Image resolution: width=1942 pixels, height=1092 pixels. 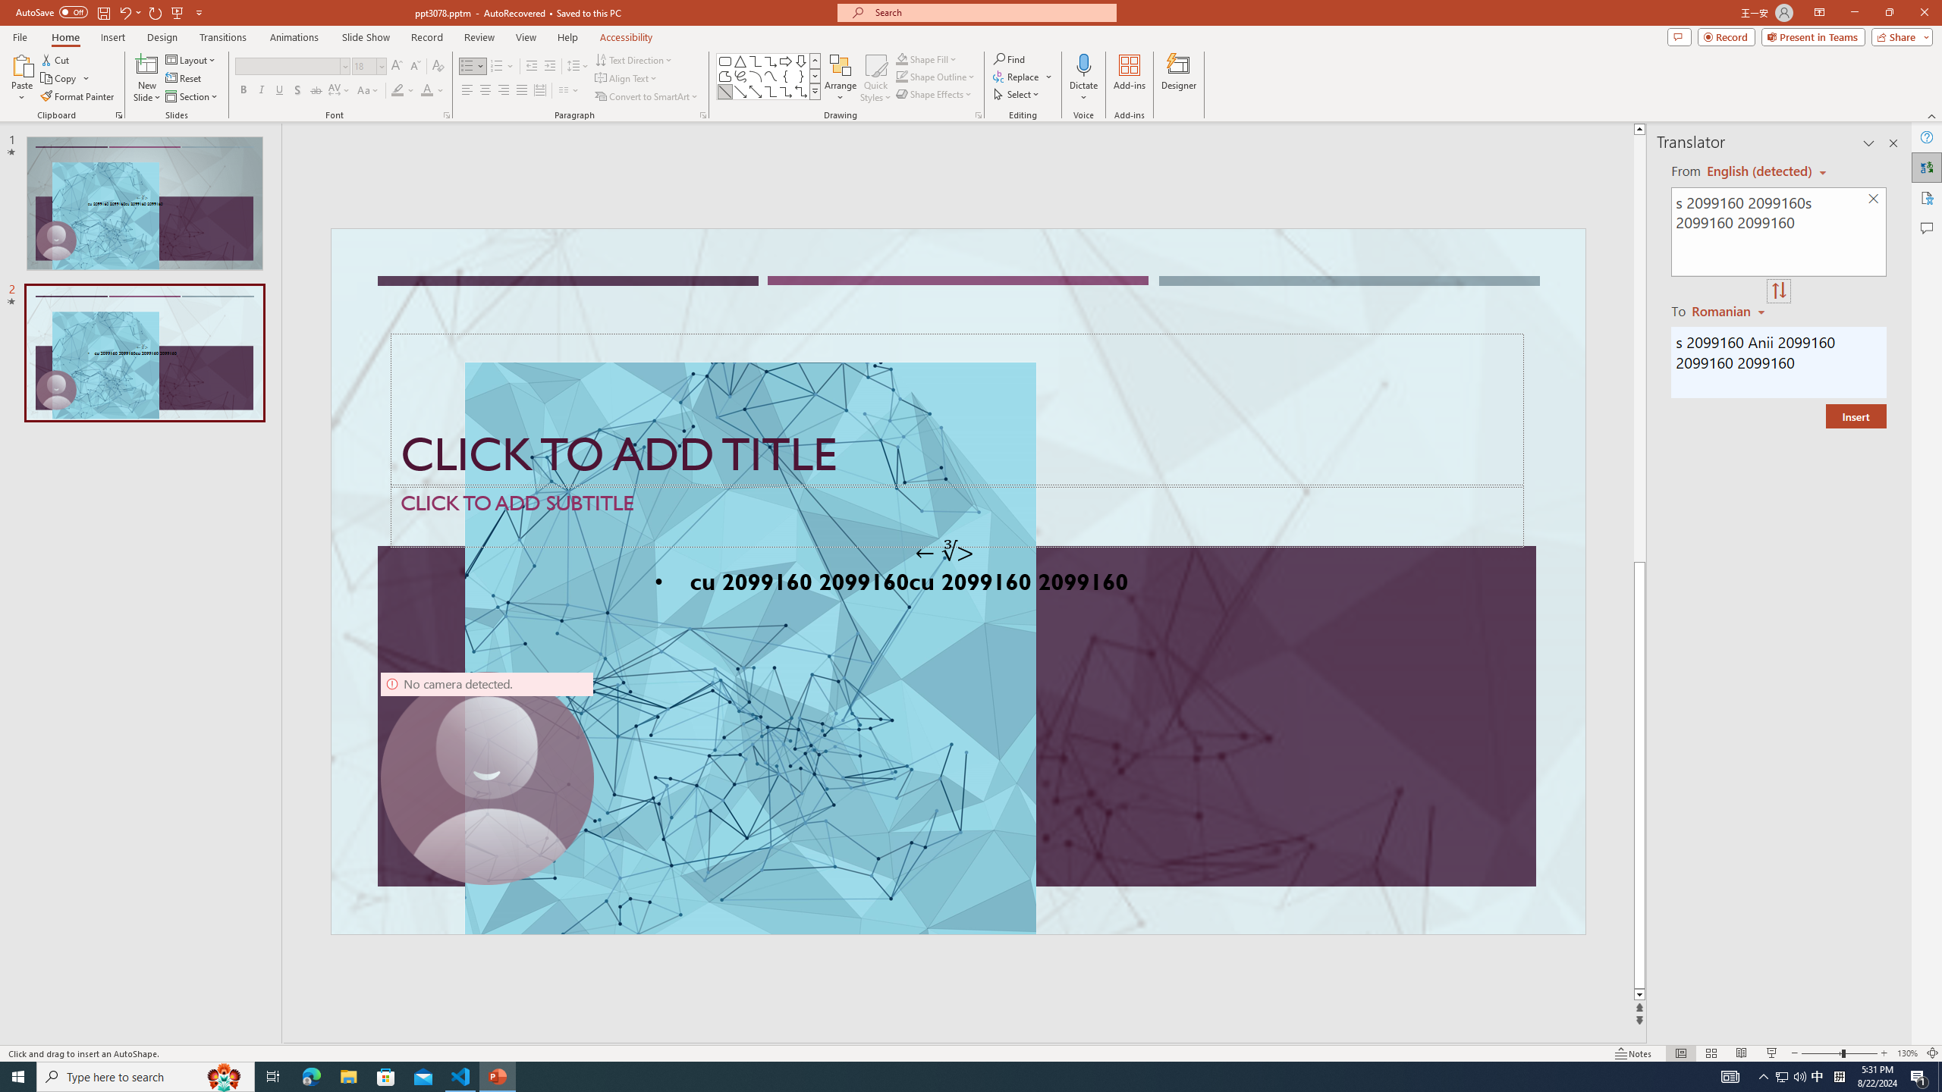 I want to click on 'Czech', so click(x=1729, y=310).